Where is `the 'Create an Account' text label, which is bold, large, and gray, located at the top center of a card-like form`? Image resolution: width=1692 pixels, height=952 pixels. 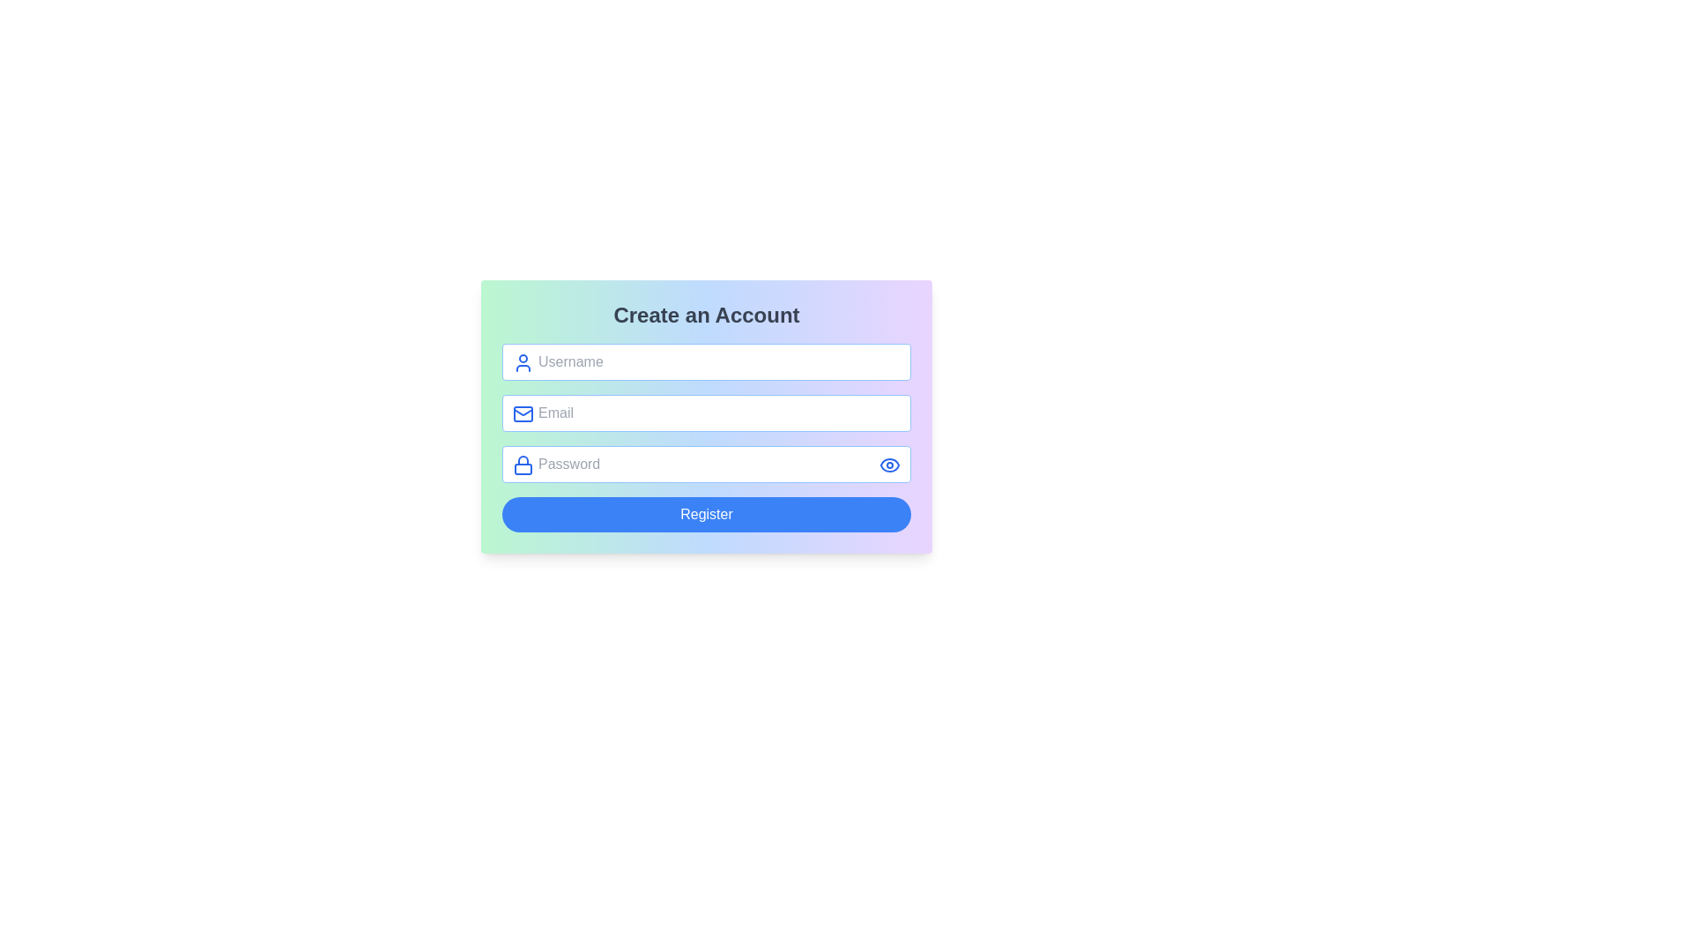 the 'Create an Account' text label, which is bold, large, and gray, located at the top center of a card-like form is located at coordinates (706, 315).